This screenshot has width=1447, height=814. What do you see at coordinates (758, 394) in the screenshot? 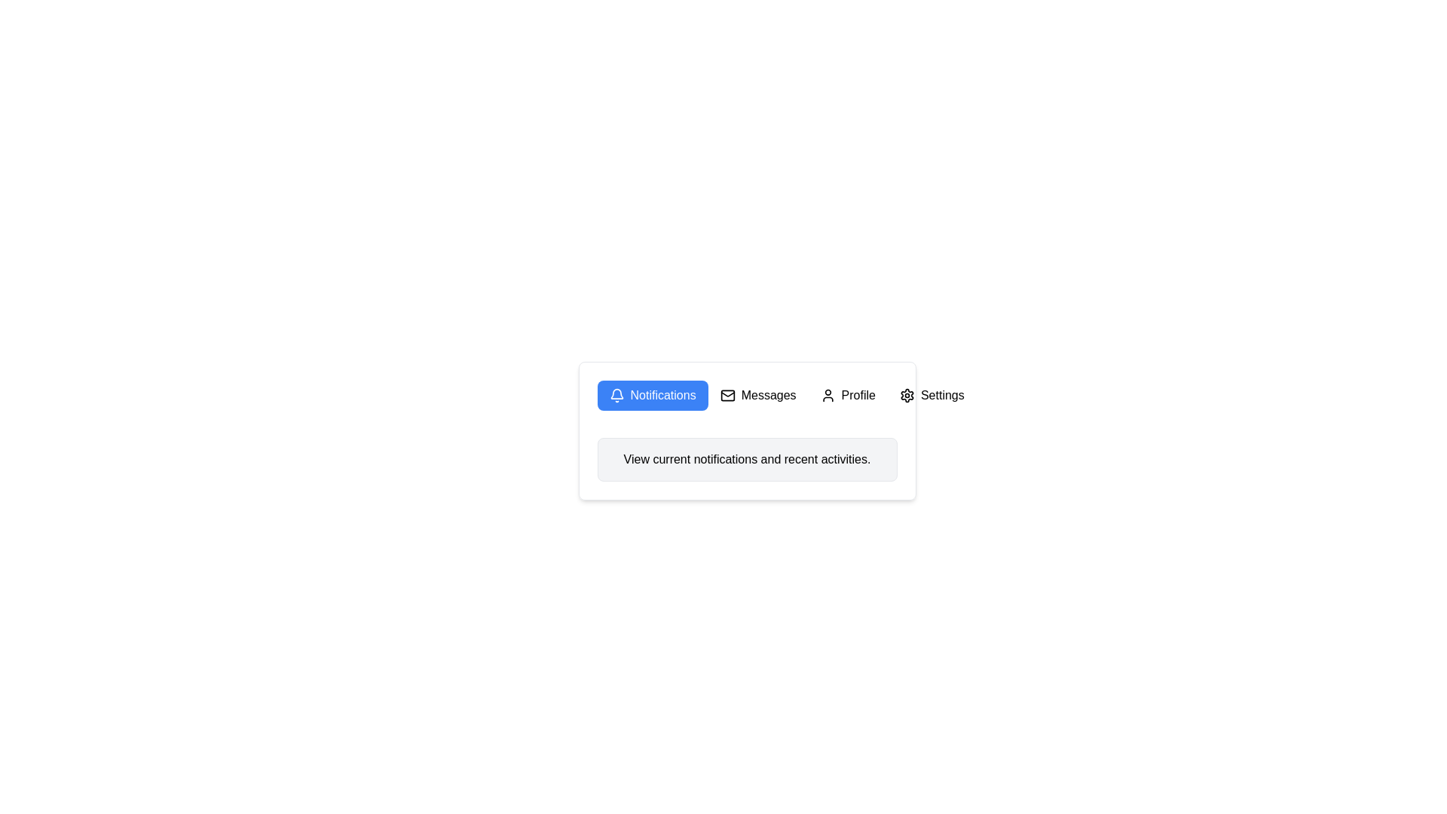
I see `the button located between the 'Notifications' button and the 'Profile' button` at bounding box center [758, 394].